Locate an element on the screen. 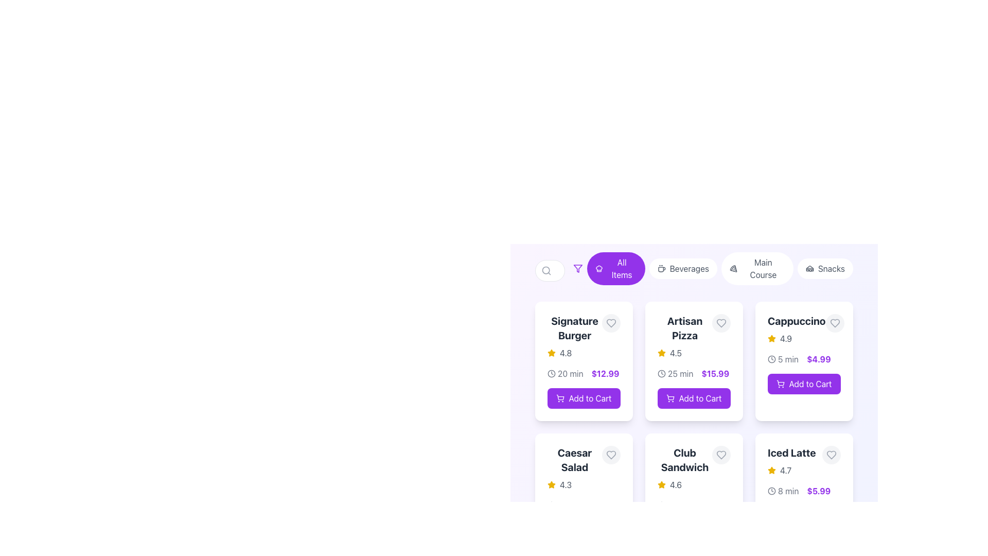 The image size is (988, 556). the 'Beverages' category icon located in the navigation bar is located at coordinates (661, 268).